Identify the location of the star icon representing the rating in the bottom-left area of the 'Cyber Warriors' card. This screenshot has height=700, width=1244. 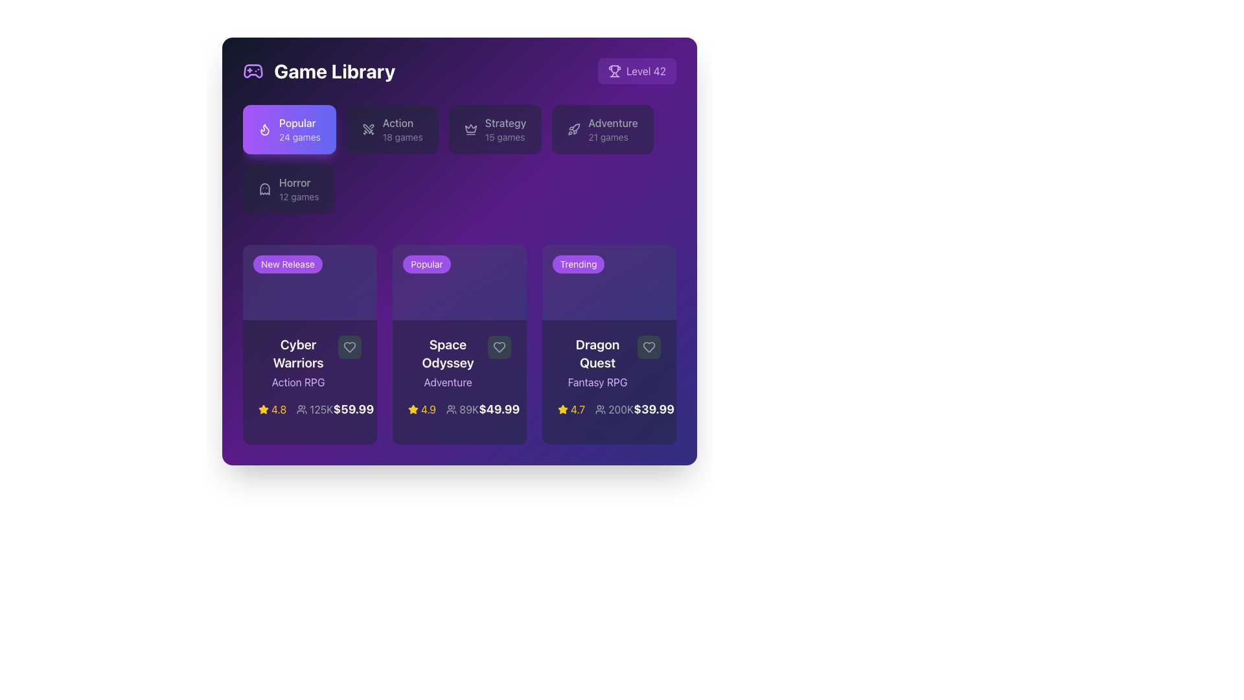
(263, 410).